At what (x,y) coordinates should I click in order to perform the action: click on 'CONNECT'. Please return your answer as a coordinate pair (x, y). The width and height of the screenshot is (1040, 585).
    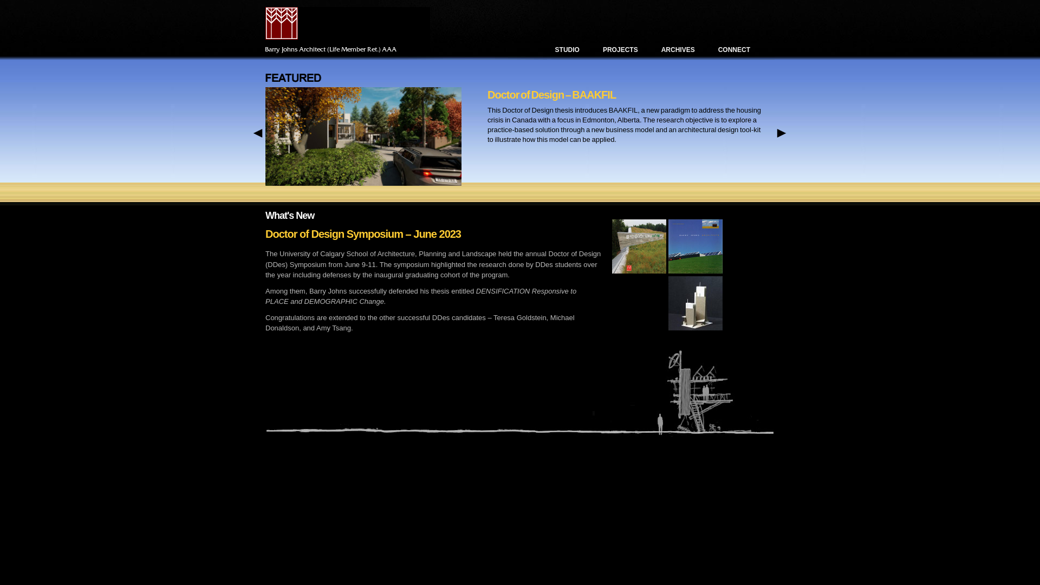
    Looking at the image, I should click on (734, 50).